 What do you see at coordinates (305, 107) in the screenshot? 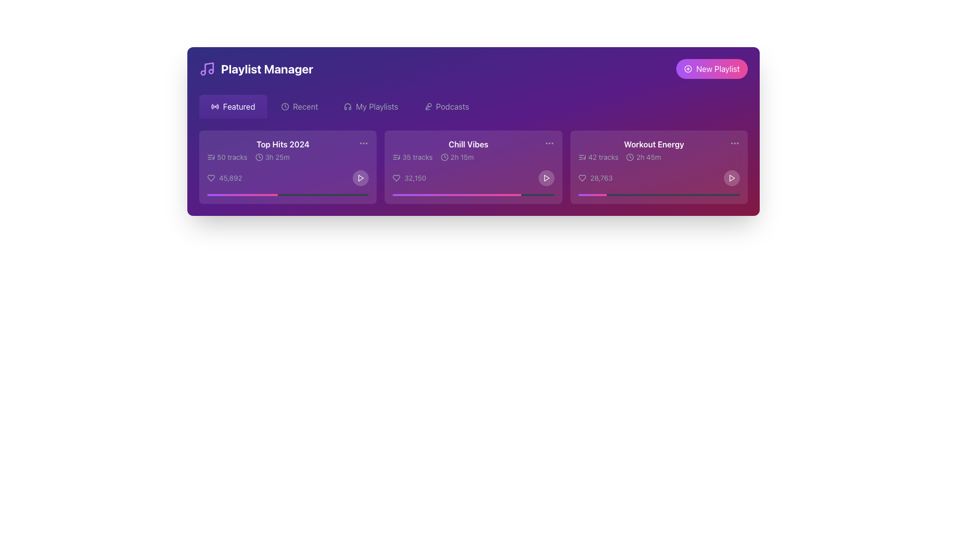
I see `the 'Recent' navigation link` at bounding box center [305, 107].